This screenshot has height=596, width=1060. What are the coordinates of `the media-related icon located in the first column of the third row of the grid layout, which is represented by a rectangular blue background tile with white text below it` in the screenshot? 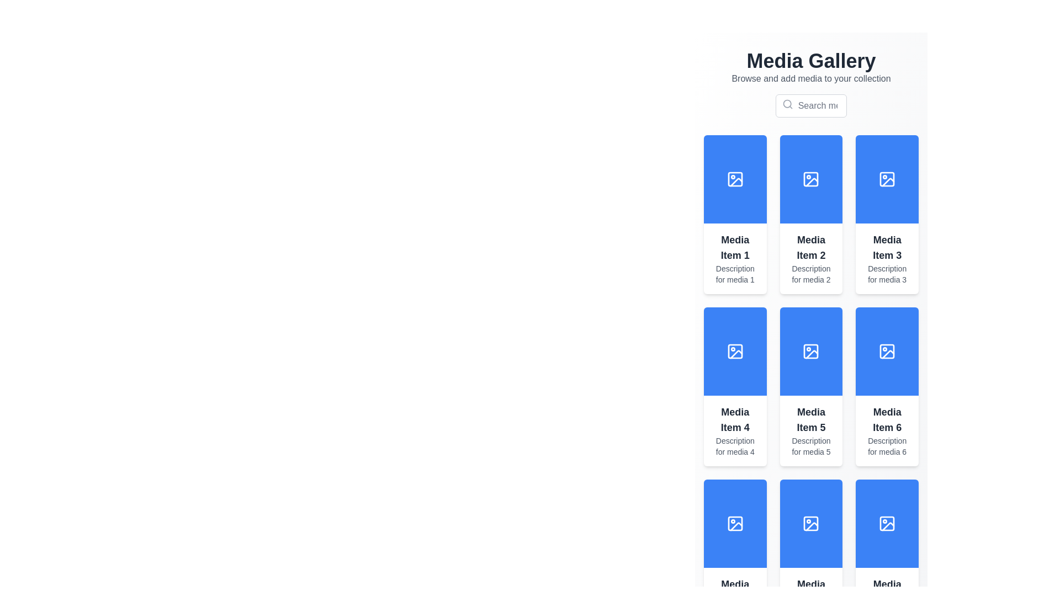 It's located at (735, 523).